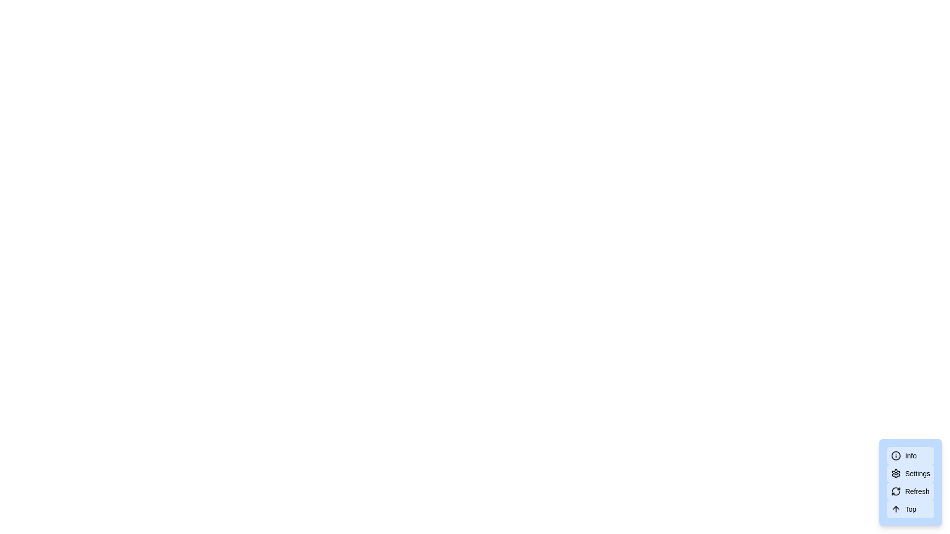 The height and width of the screenshot is (534, 950). I want to click on the refresh button located as the third item in a vertical list of buttons, positioned in the bottom-right corner of the interface, to initiate refresh, so click(910, 482).